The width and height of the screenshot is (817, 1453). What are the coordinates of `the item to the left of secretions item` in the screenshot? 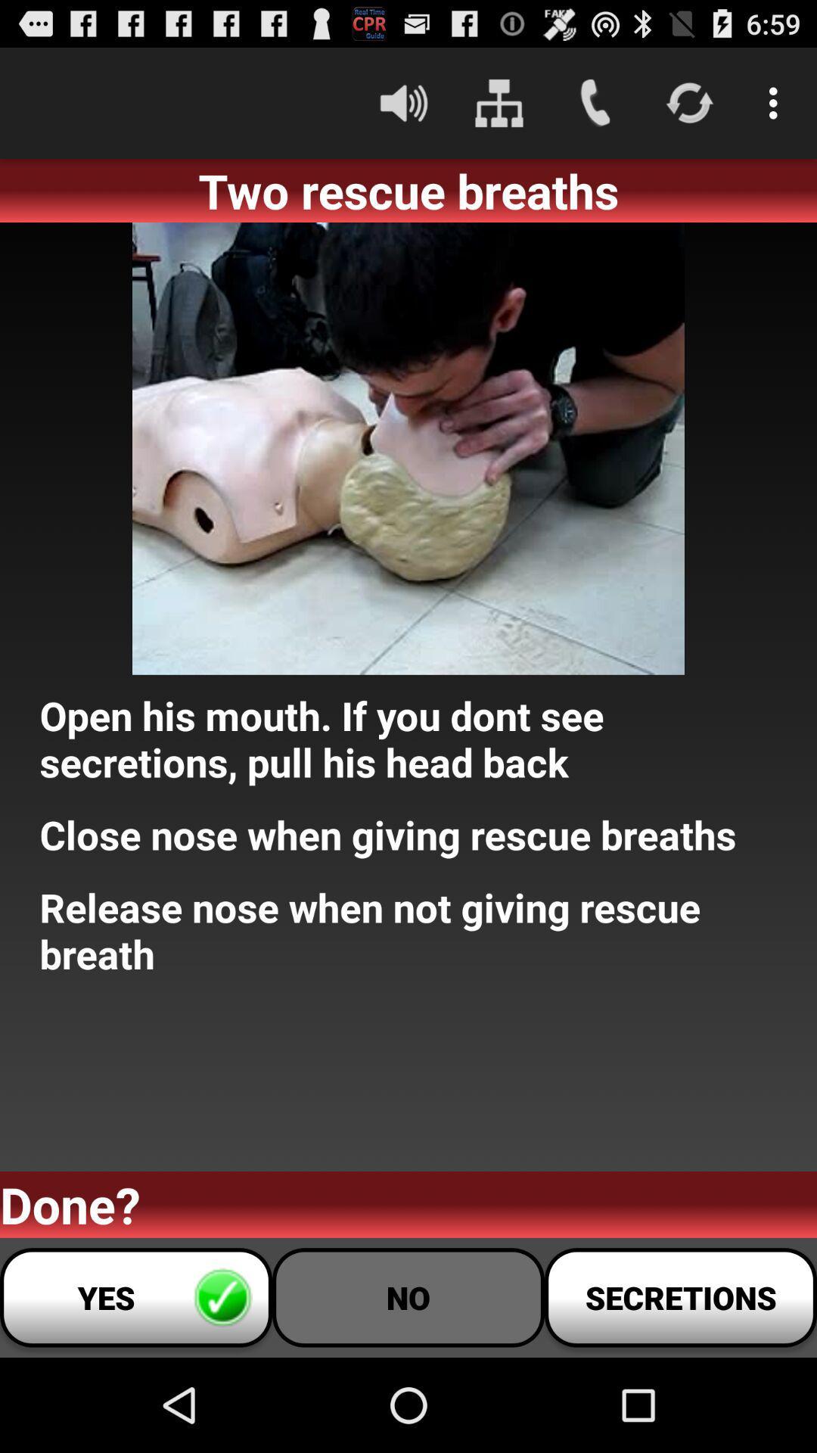 It's located at (408, 1296).